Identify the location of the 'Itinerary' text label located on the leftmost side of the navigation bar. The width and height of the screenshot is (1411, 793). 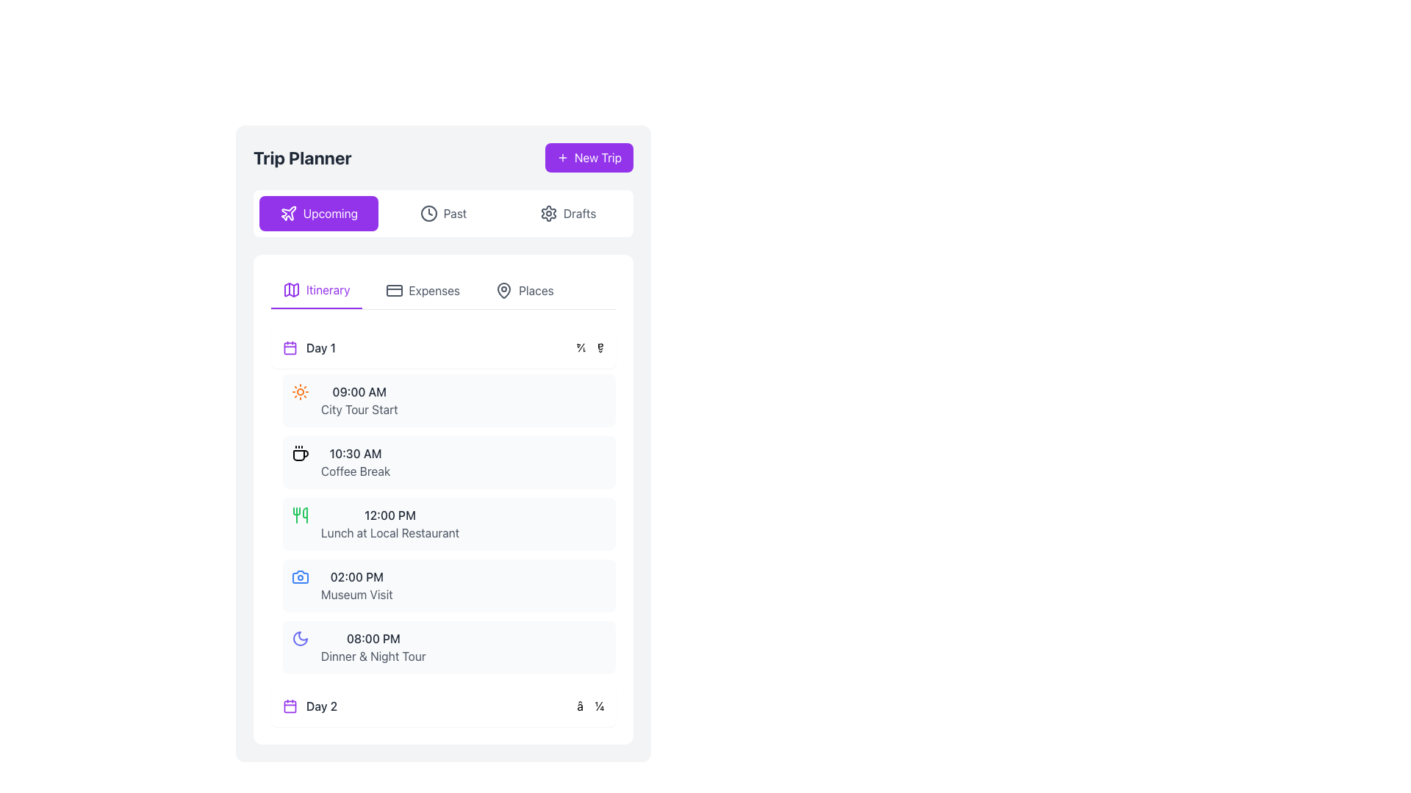
(327, 289).